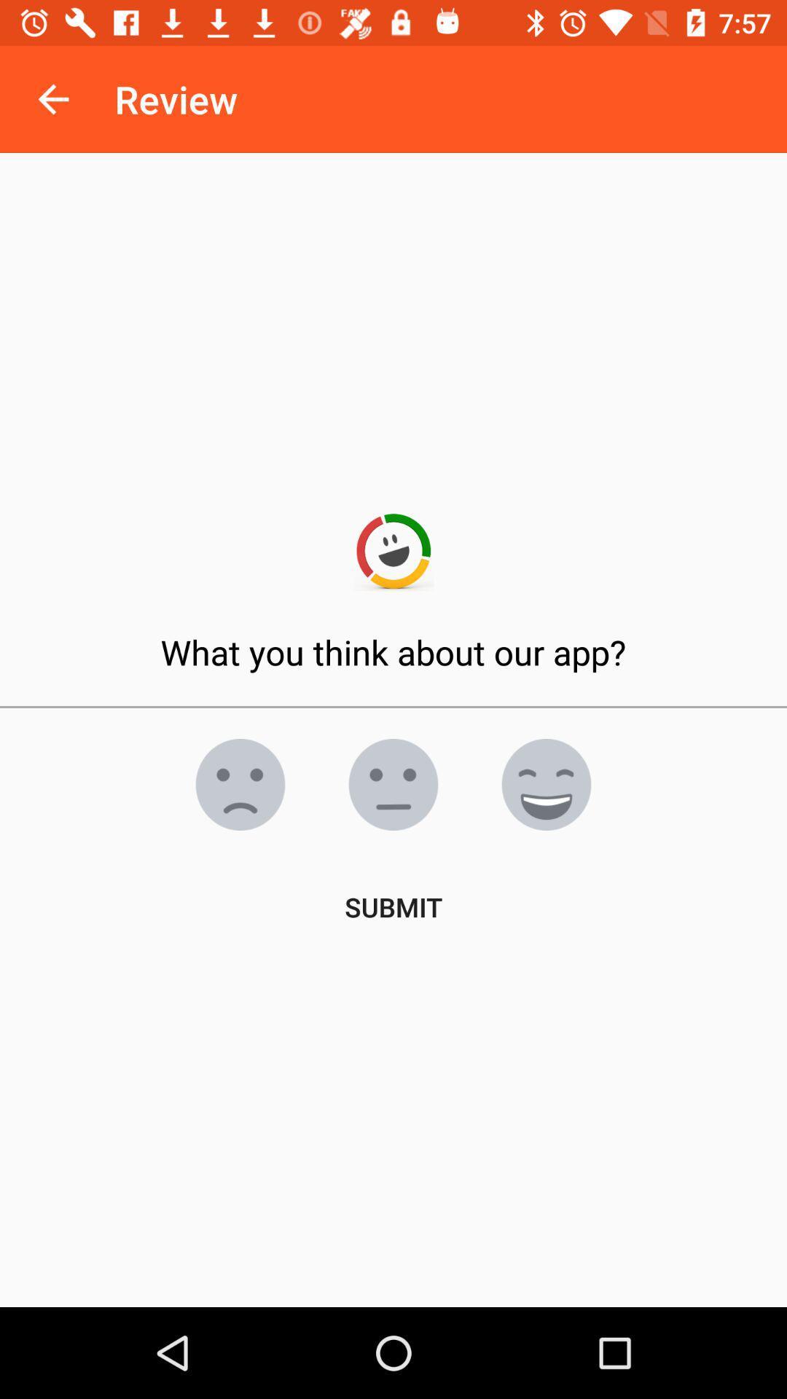 Image resolution: width=787 pixels, height=1399 pixels. Describe the element at coordinates (546, 783) in the screenshot. I see `rate app as great` at that location.